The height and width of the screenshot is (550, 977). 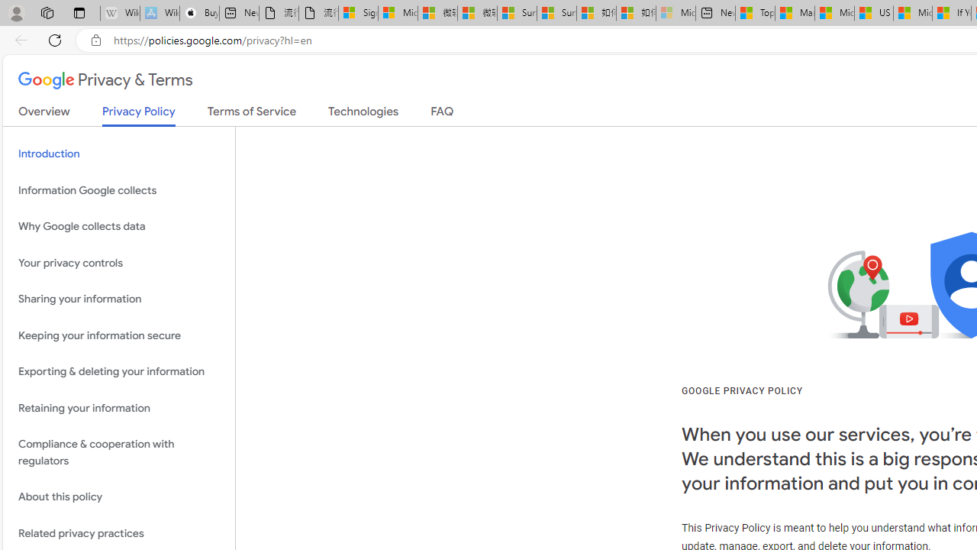 I want to click on 'Top Stories - MSN', so click(x=755, y=13).